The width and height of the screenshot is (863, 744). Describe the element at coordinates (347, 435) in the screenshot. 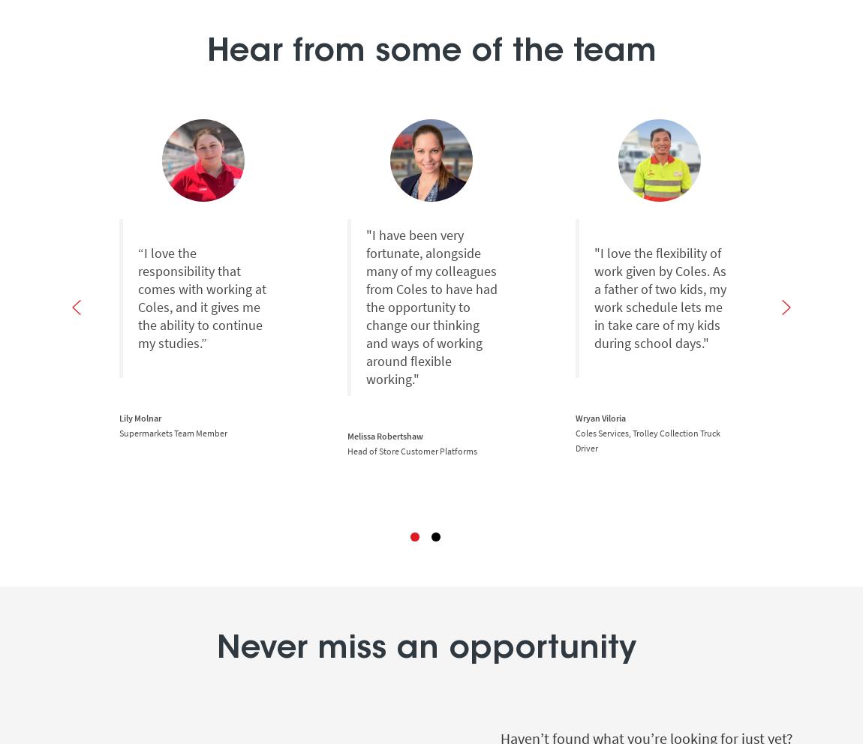

I see `'Melissa Robertshaw'` at that location.